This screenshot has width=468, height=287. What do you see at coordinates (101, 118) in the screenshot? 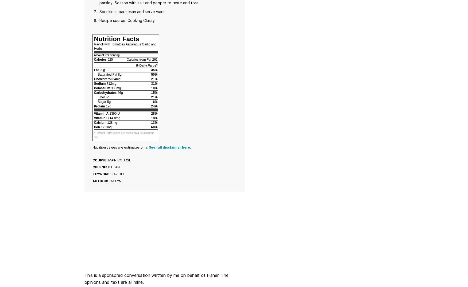
I see `'Vitamin C'` at bounding box center [101, 118].